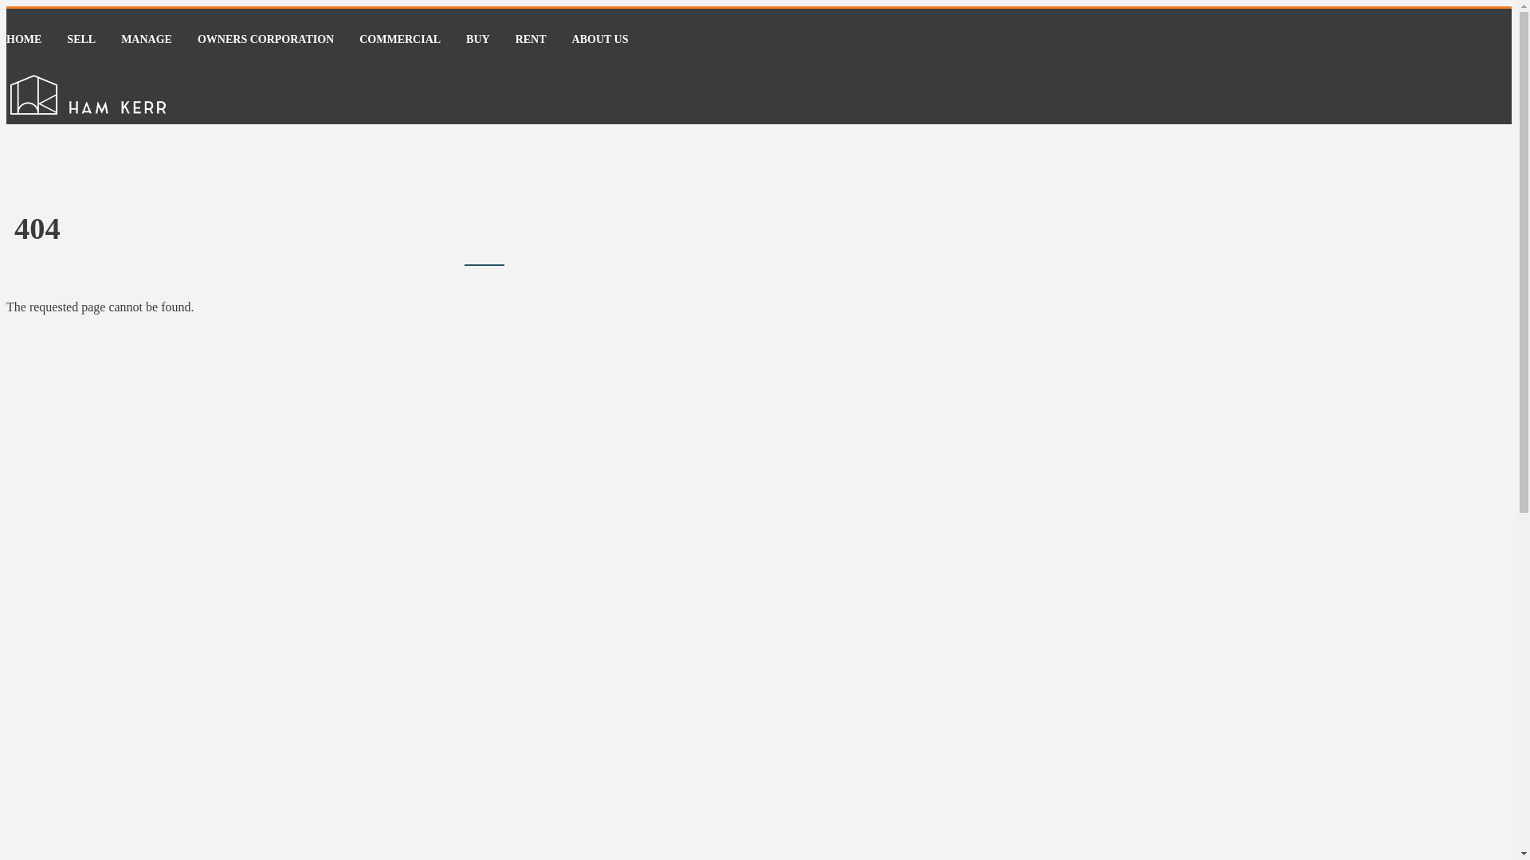 The height and width of the screenshot is (860, 1530). What do you see at coordinates (400, 39) in the screenshot?
I see `'COMMERCIAL'` at bounding box center [400, 39].